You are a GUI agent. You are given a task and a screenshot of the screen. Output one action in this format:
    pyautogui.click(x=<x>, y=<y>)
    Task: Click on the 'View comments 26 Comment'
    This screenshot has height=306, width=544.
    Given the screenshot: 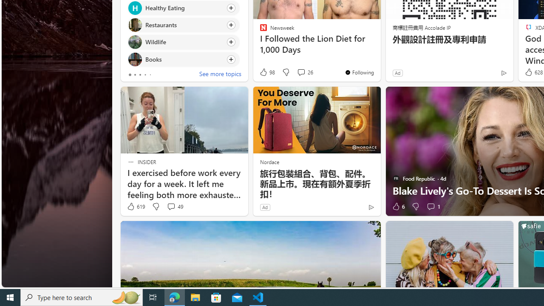 What is the action you would take?
    pyautogui.click(x=305, y=72)
    